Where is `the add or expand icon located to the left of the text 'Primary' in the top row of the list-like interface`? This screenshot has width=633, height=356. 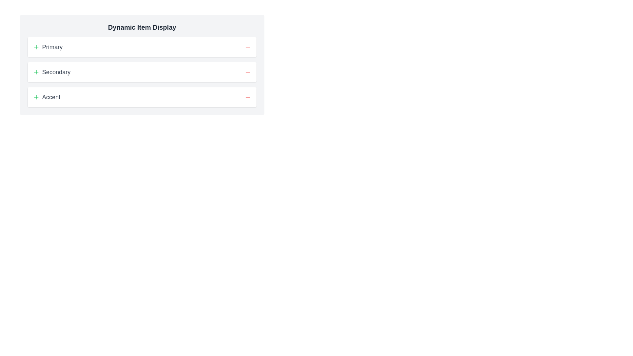 the add or expand icon located to the left of the text 'Primary' in the top row of the list-like interface is located at coordinates (36, 46).